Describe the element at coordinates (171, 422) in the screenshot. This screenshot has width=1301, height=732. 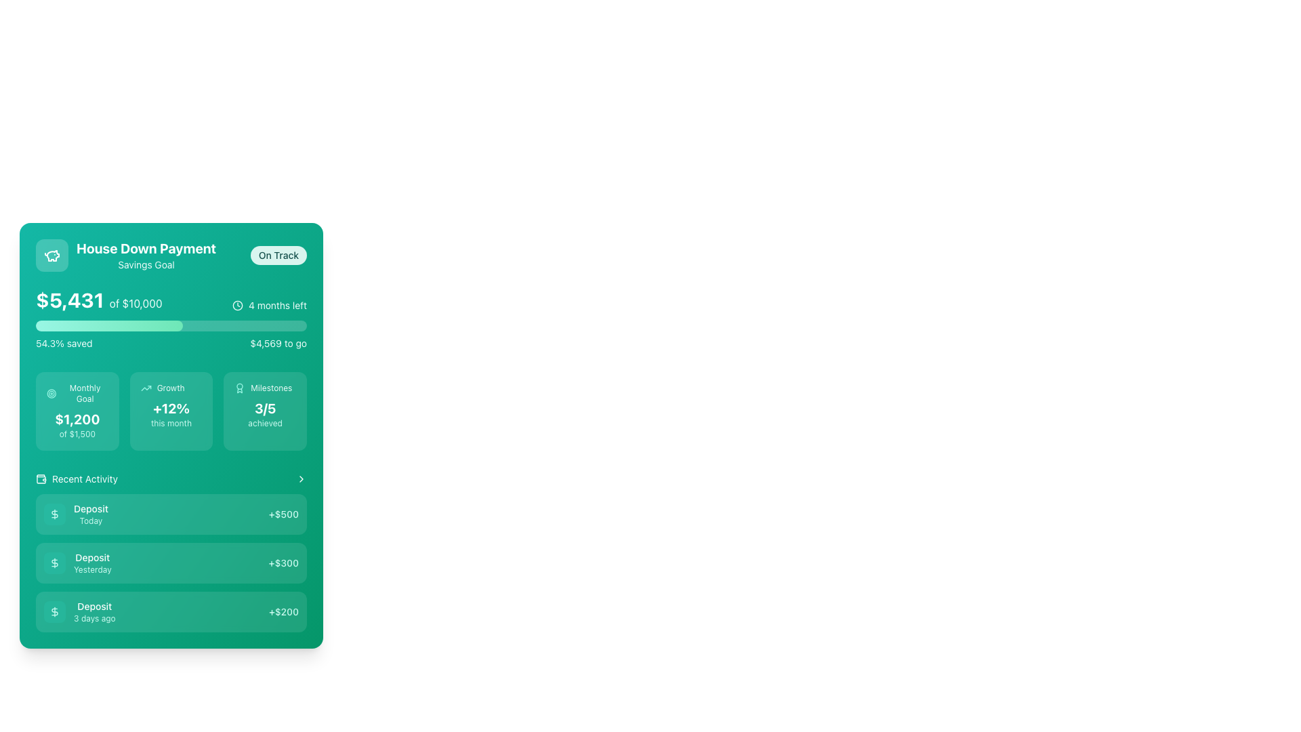
I see `text label that provides temporal context indicating that the data on the card pertains to the current month, located at the bottom of the 'Growth' card below the '+12%' text` at that location.